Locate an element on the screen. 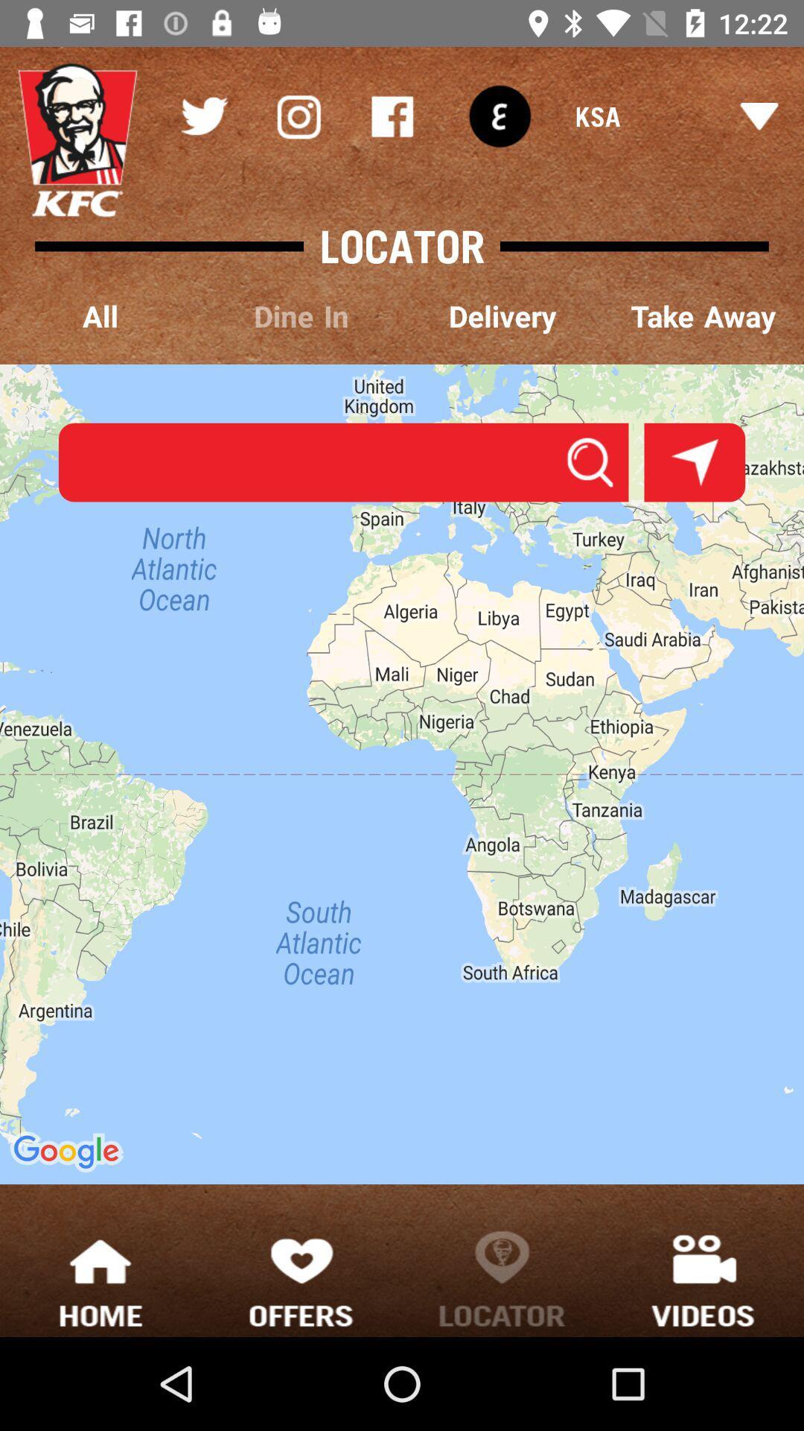 This screenshot has height=1431, width=804. the all icon is located at coordinates (100, 317).